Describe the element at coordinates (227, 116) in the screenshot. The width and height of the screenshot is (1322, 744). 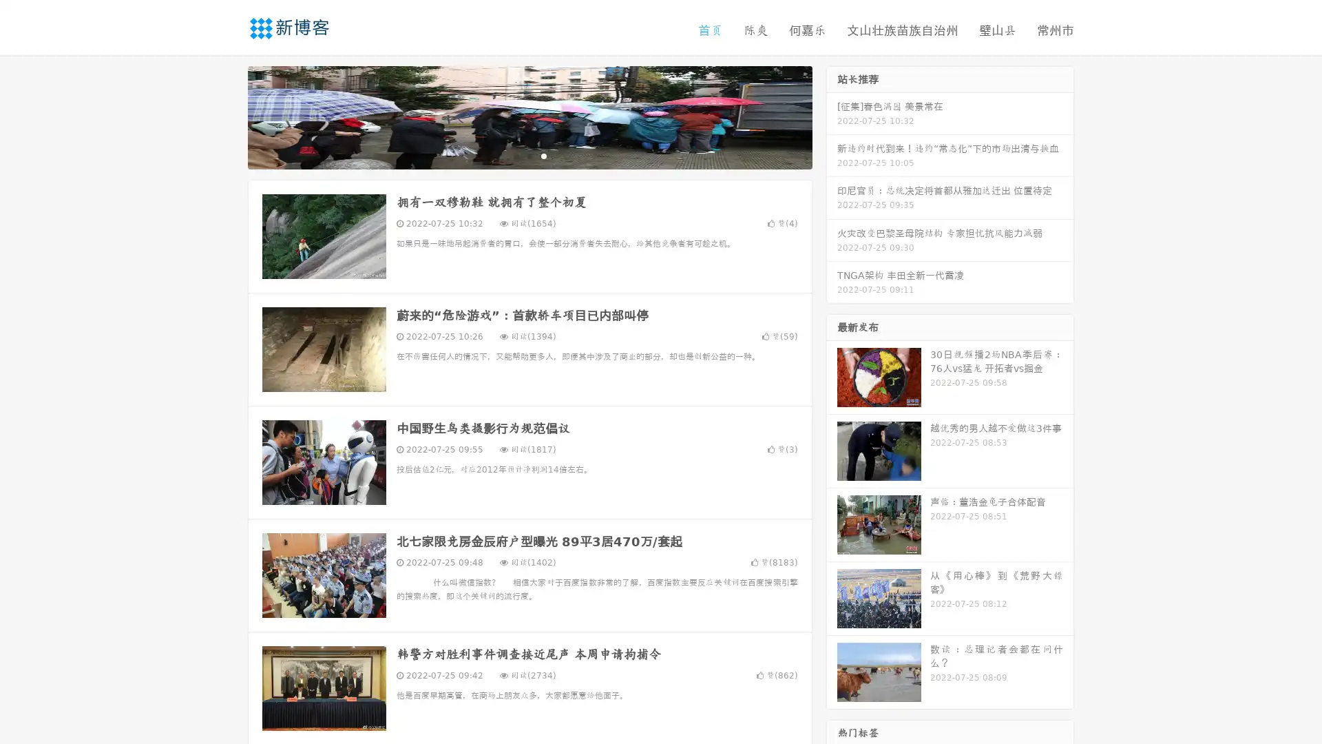
I see `Previous slide` at that location.